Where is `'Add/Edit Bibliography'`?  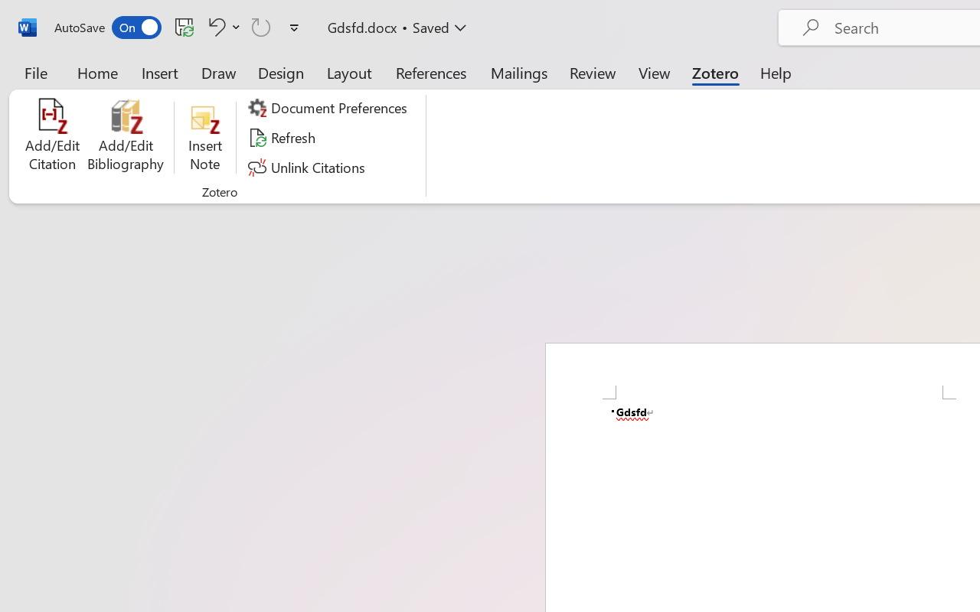
'Add/Edit Bibliography' is located at coordinates (126, 137).